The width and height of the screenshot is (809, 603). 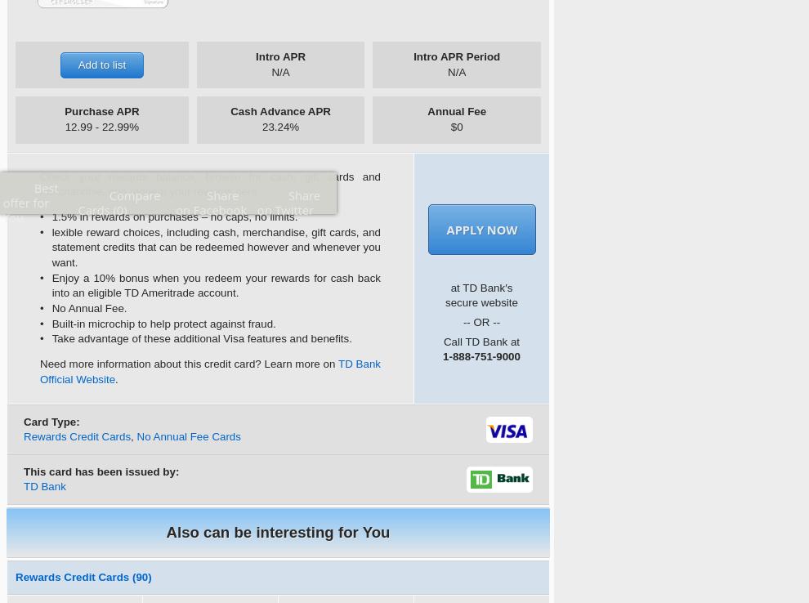 What do you see at coordinates (456, 56) in the screenshot?
I see `'Intro APR Period'` at bounding box center [456, 56].